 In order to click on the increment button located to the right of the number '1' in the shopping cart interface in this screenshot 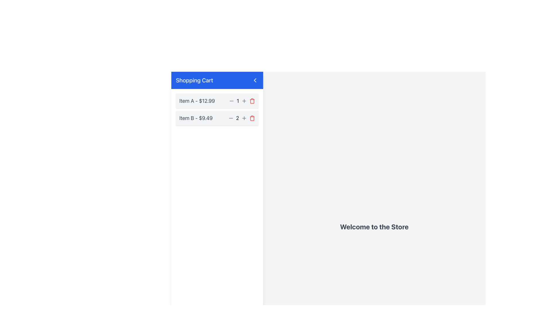, I will do `click(244, 100)`.